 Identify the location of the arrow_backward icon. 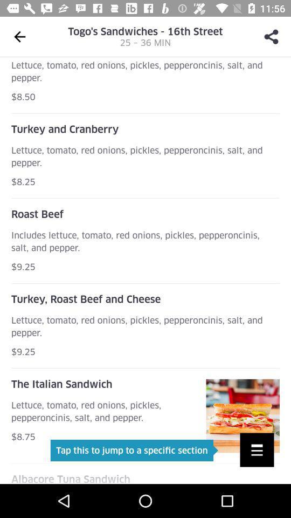
(19, 37).